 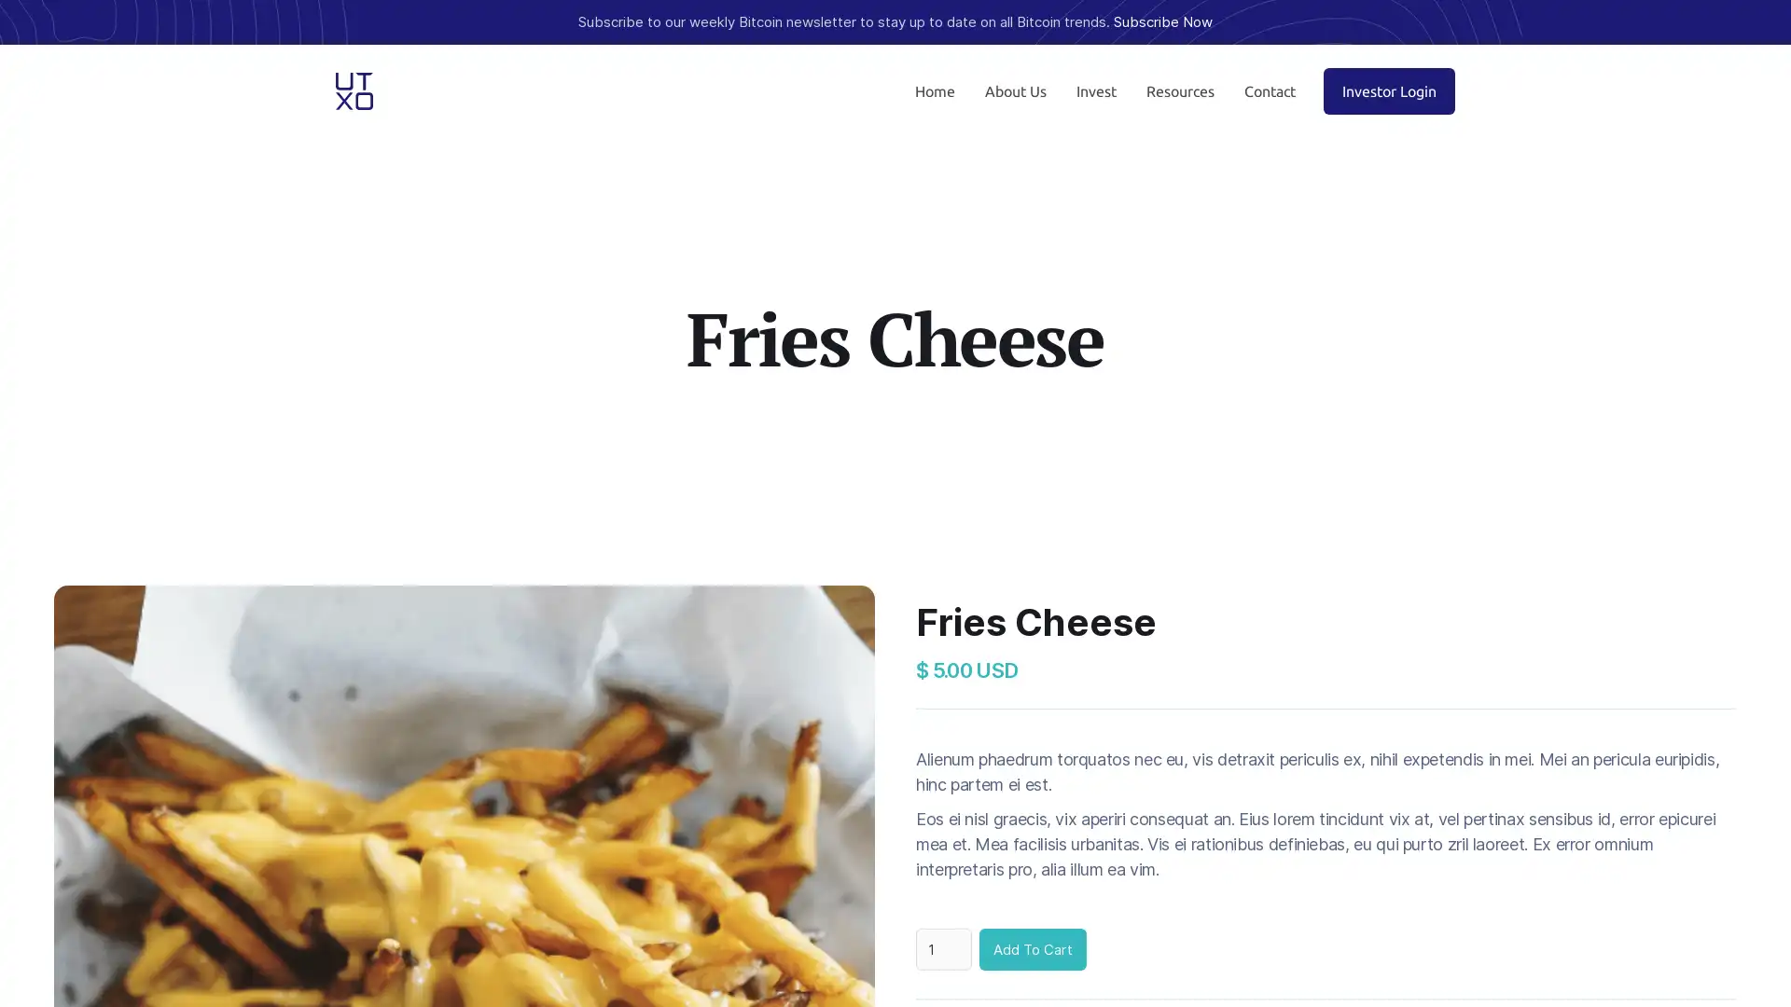 I want to click on Add To Cart, so click(x=1032, y=949).